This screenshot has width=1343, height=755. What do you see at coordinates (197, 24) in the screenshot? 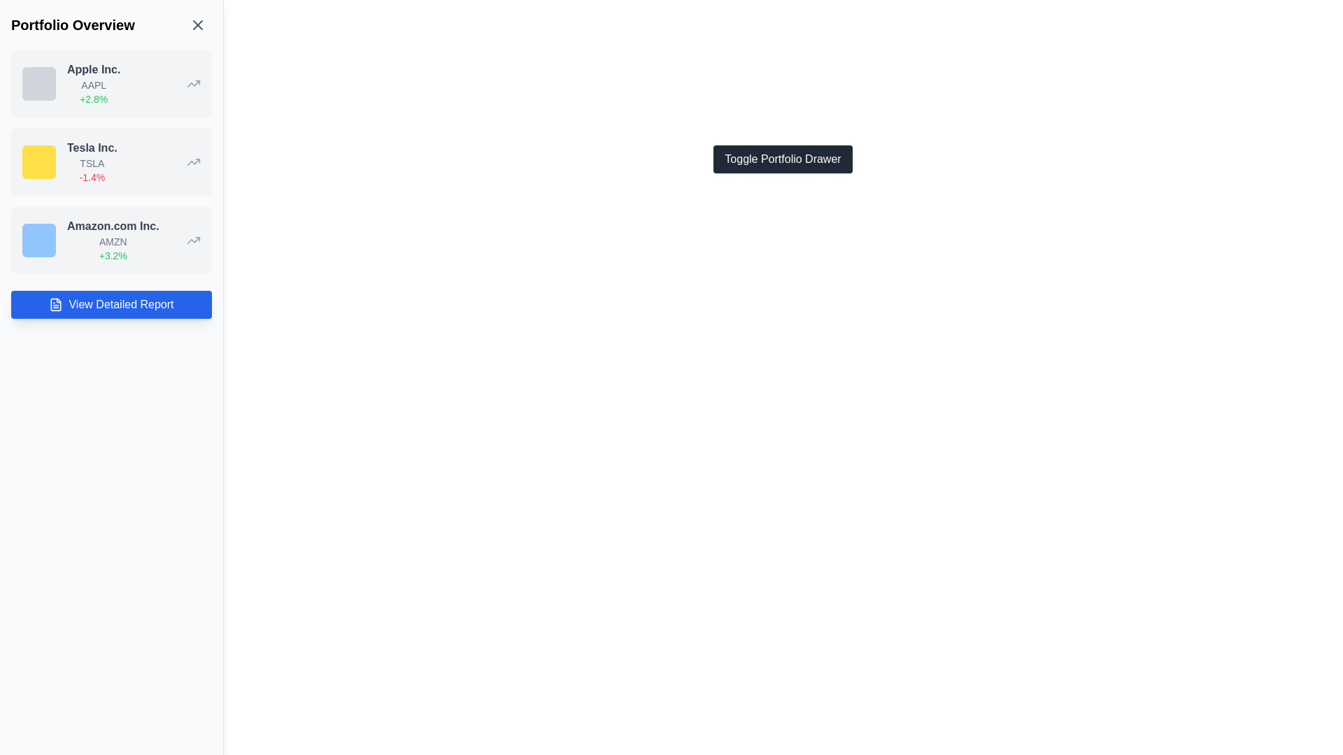
I see `the Close button (X icon) located in the top-right corner of the 'Portfolio Overview' sidebar` at bounding box center [197, 24].